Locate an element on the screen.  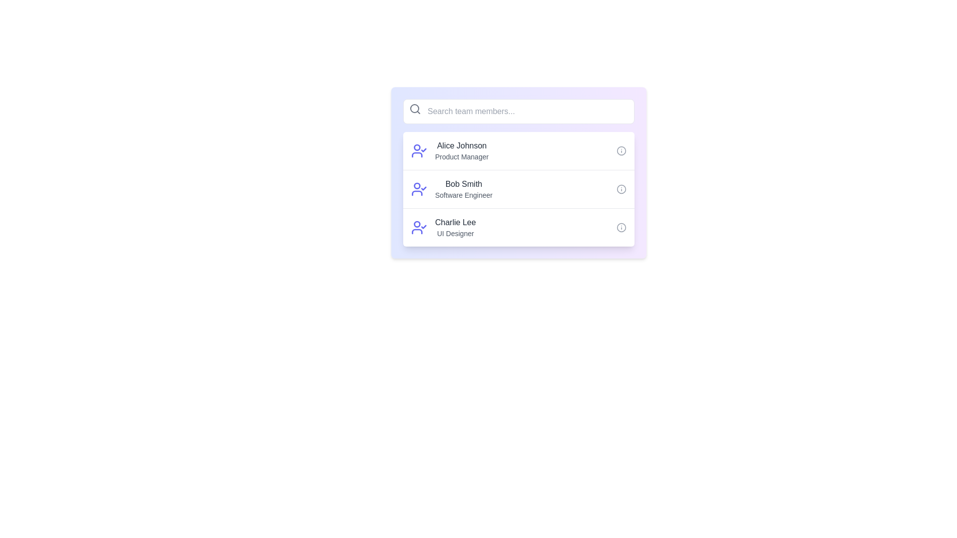
the curved line resembling an arc in the user avatar SVG element, which is styled in a single tone like blue or purple is located at coordinates (417, 193).